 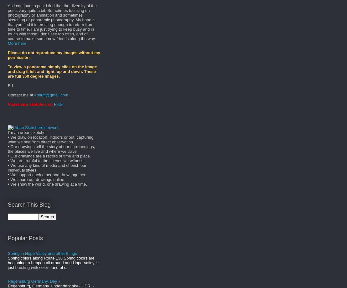 What do you see at coordinates (34, 281) in the screenshot?
I see `'Regensburg Germany, Day 7'` at bounding box center [34, 281].